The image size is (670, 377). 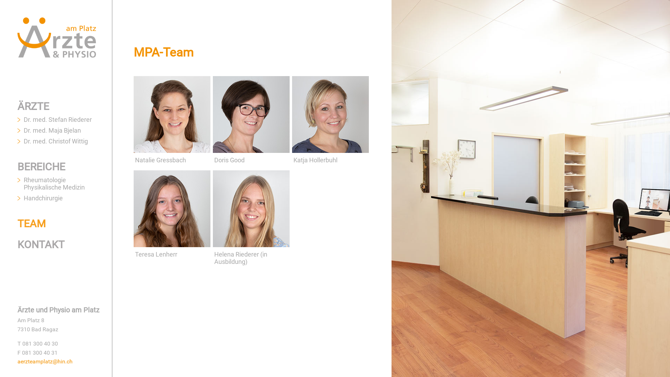 I want to click on 'KONTAKT', so click(x=17, y=244).